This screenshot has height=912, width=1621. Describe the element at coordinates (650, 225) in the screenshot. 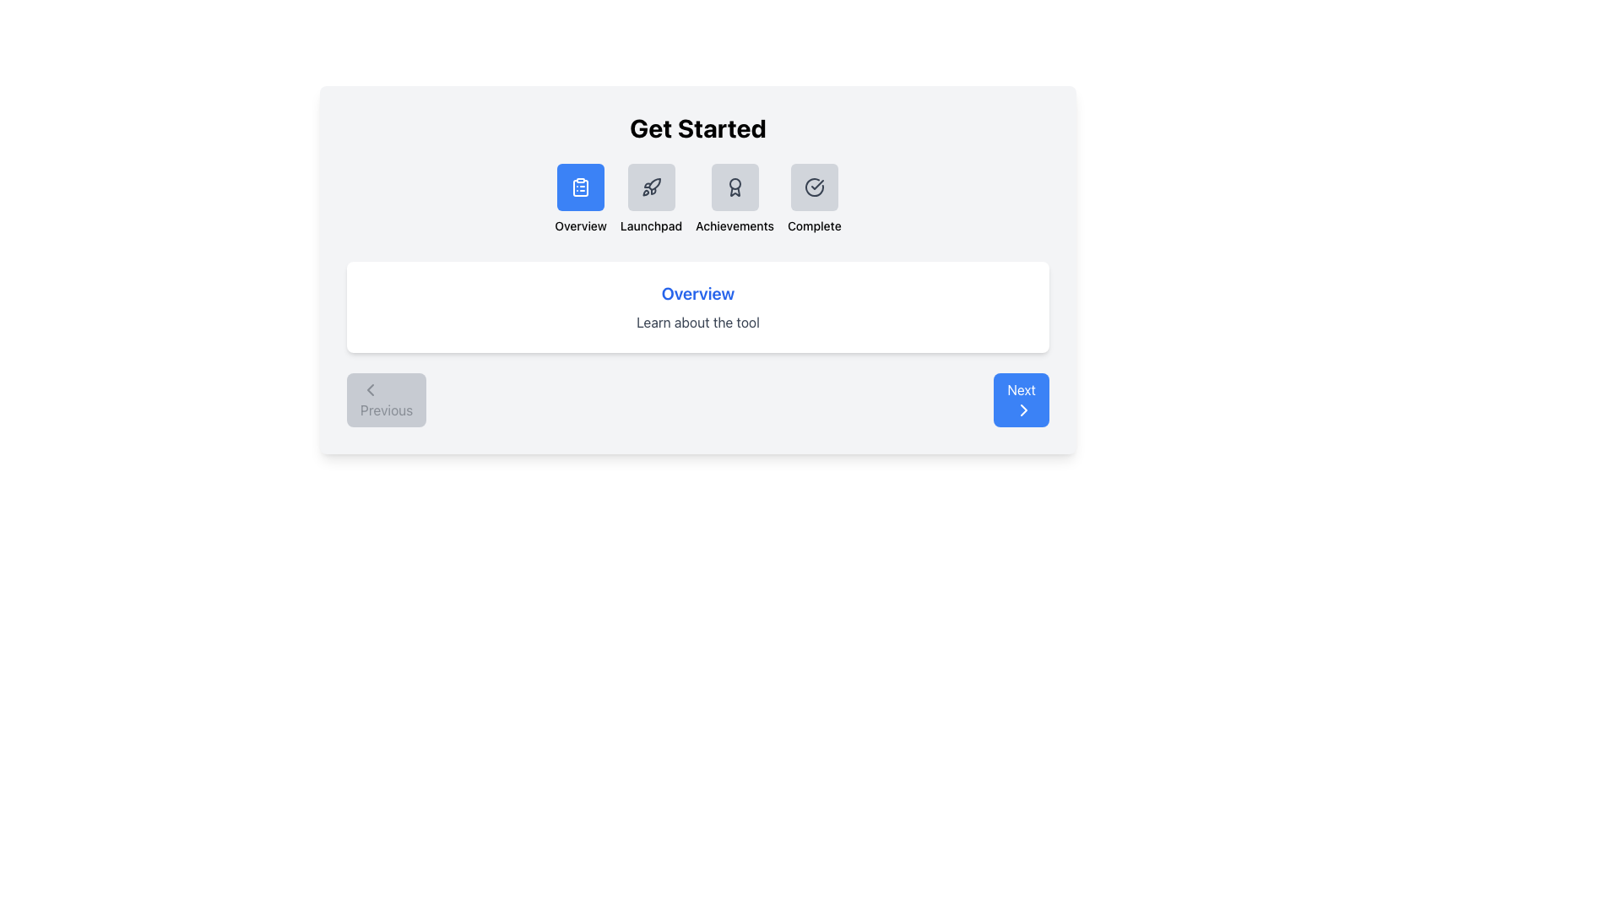

I see `the 'Launchpad' text label, which is styled with a smaller font and medium weight, positioned below a rocket icon in the 'Get Started' section` at that location.